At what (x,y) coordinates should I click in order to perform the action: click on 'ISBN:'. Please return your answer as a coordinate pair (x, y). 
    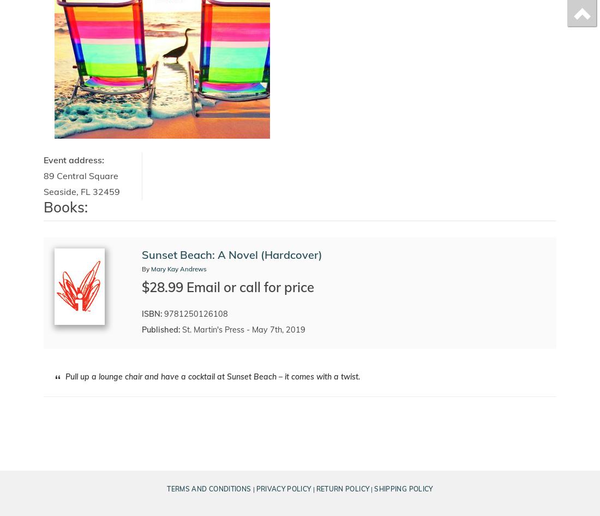
    Looking at the image, I should click on (151, 313).